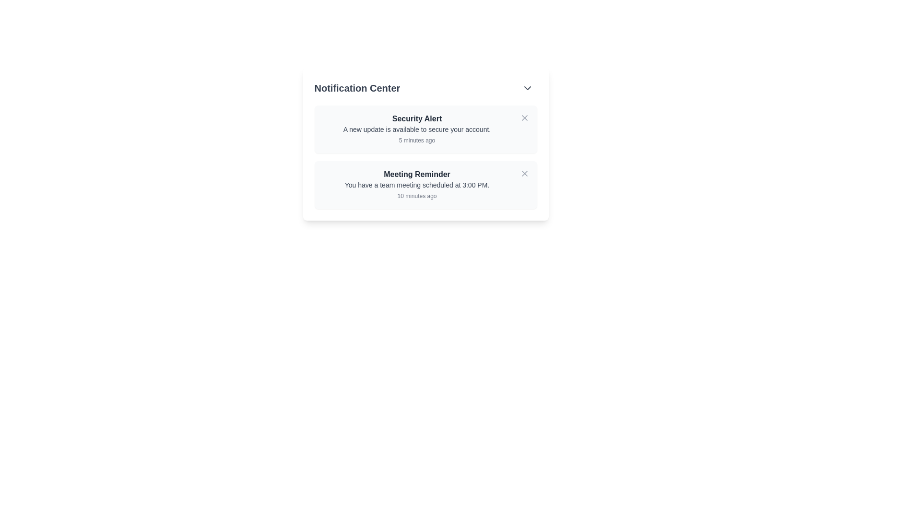  What do you see at coordinates (417, 185) in the screenshot?
I see `the notification widget titled 'Meeting Reminder' which contains the description 'You have a team meeting scheduled at 3:00 PM.' and the timestamp '10 minutes ago'` at bounding box center [417, 185].